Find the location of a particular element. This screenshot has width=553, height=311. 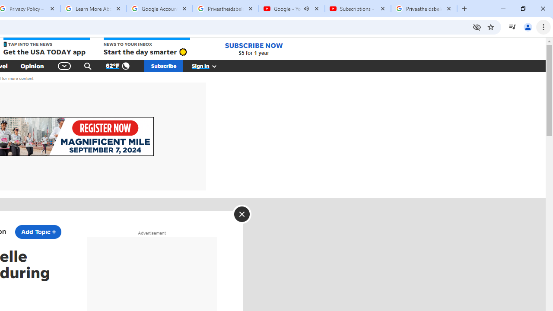

'Sign In' is located at coordinates (209, 66).